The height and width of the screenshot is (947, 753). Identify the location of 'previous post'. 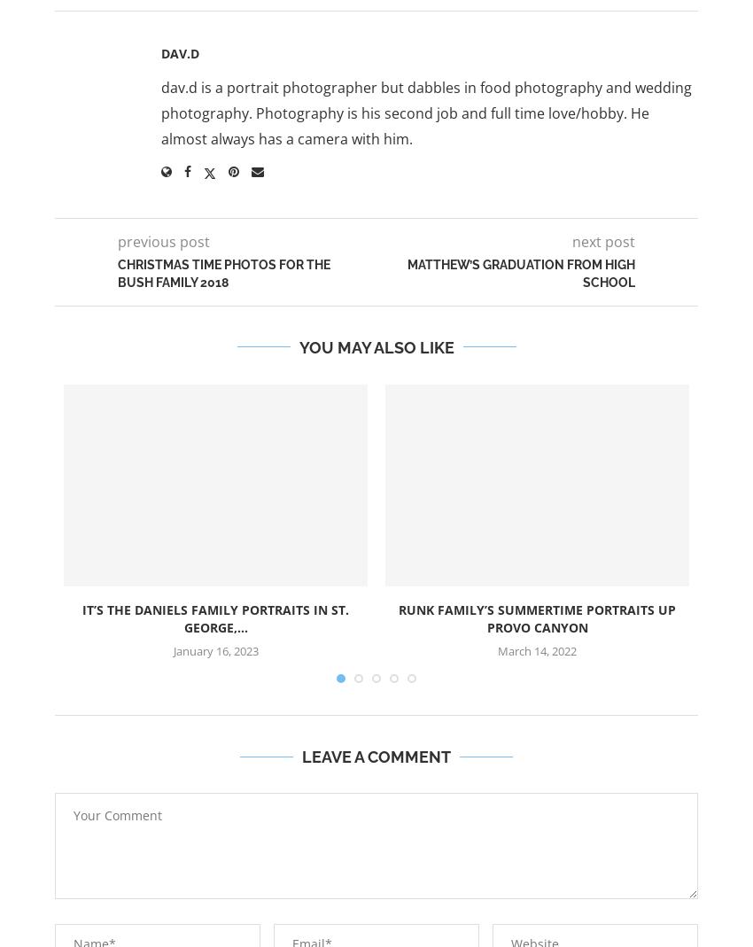
(162, 241).